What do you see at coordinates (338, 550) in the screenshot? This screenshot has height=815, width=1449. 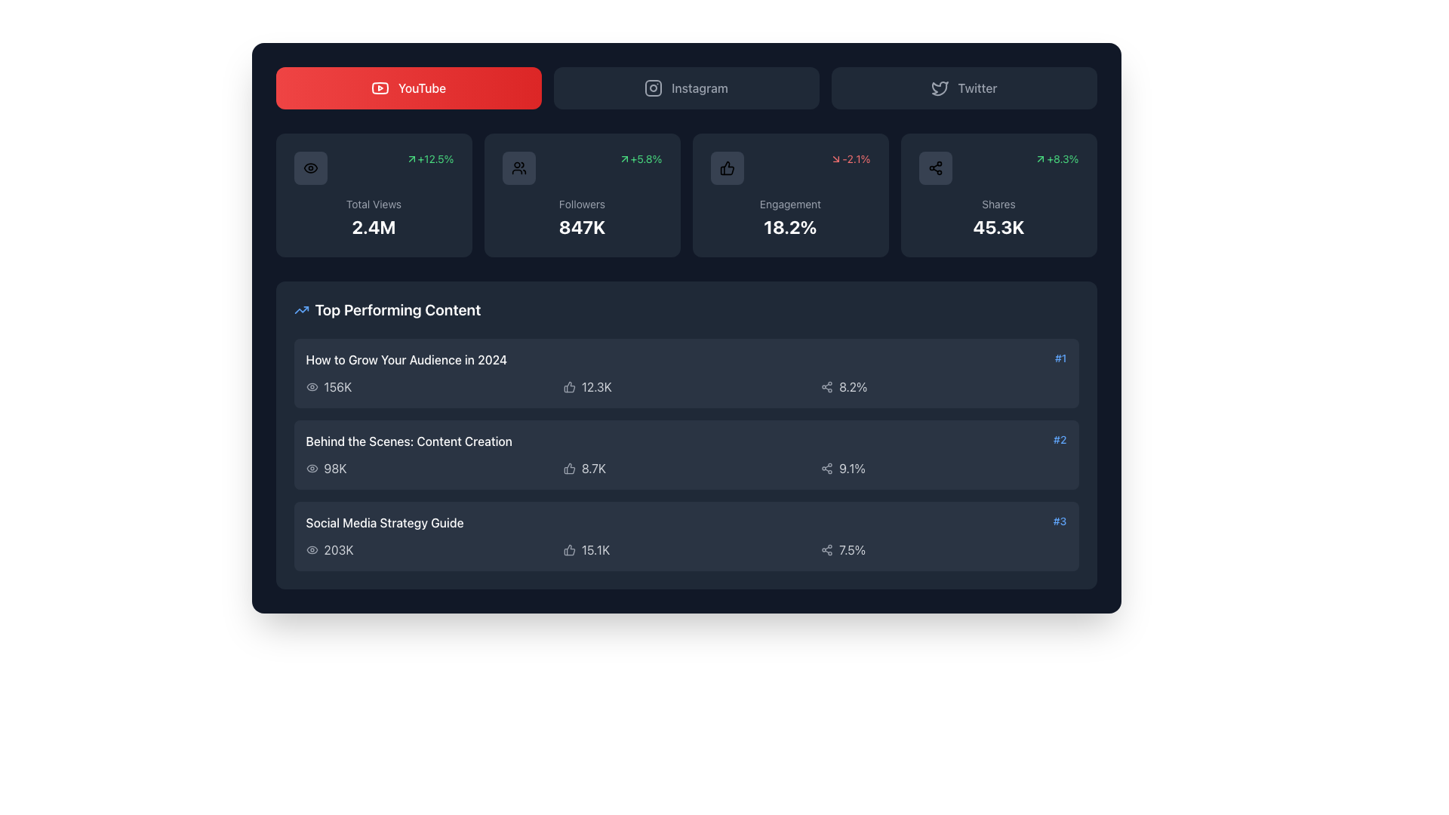 I see `and interpret the text from the Text Label located at the bottom-right of the 'Social Media Strategy Guide' segment in the 'Top Performing Content' list` at bounding box center [338, 550].